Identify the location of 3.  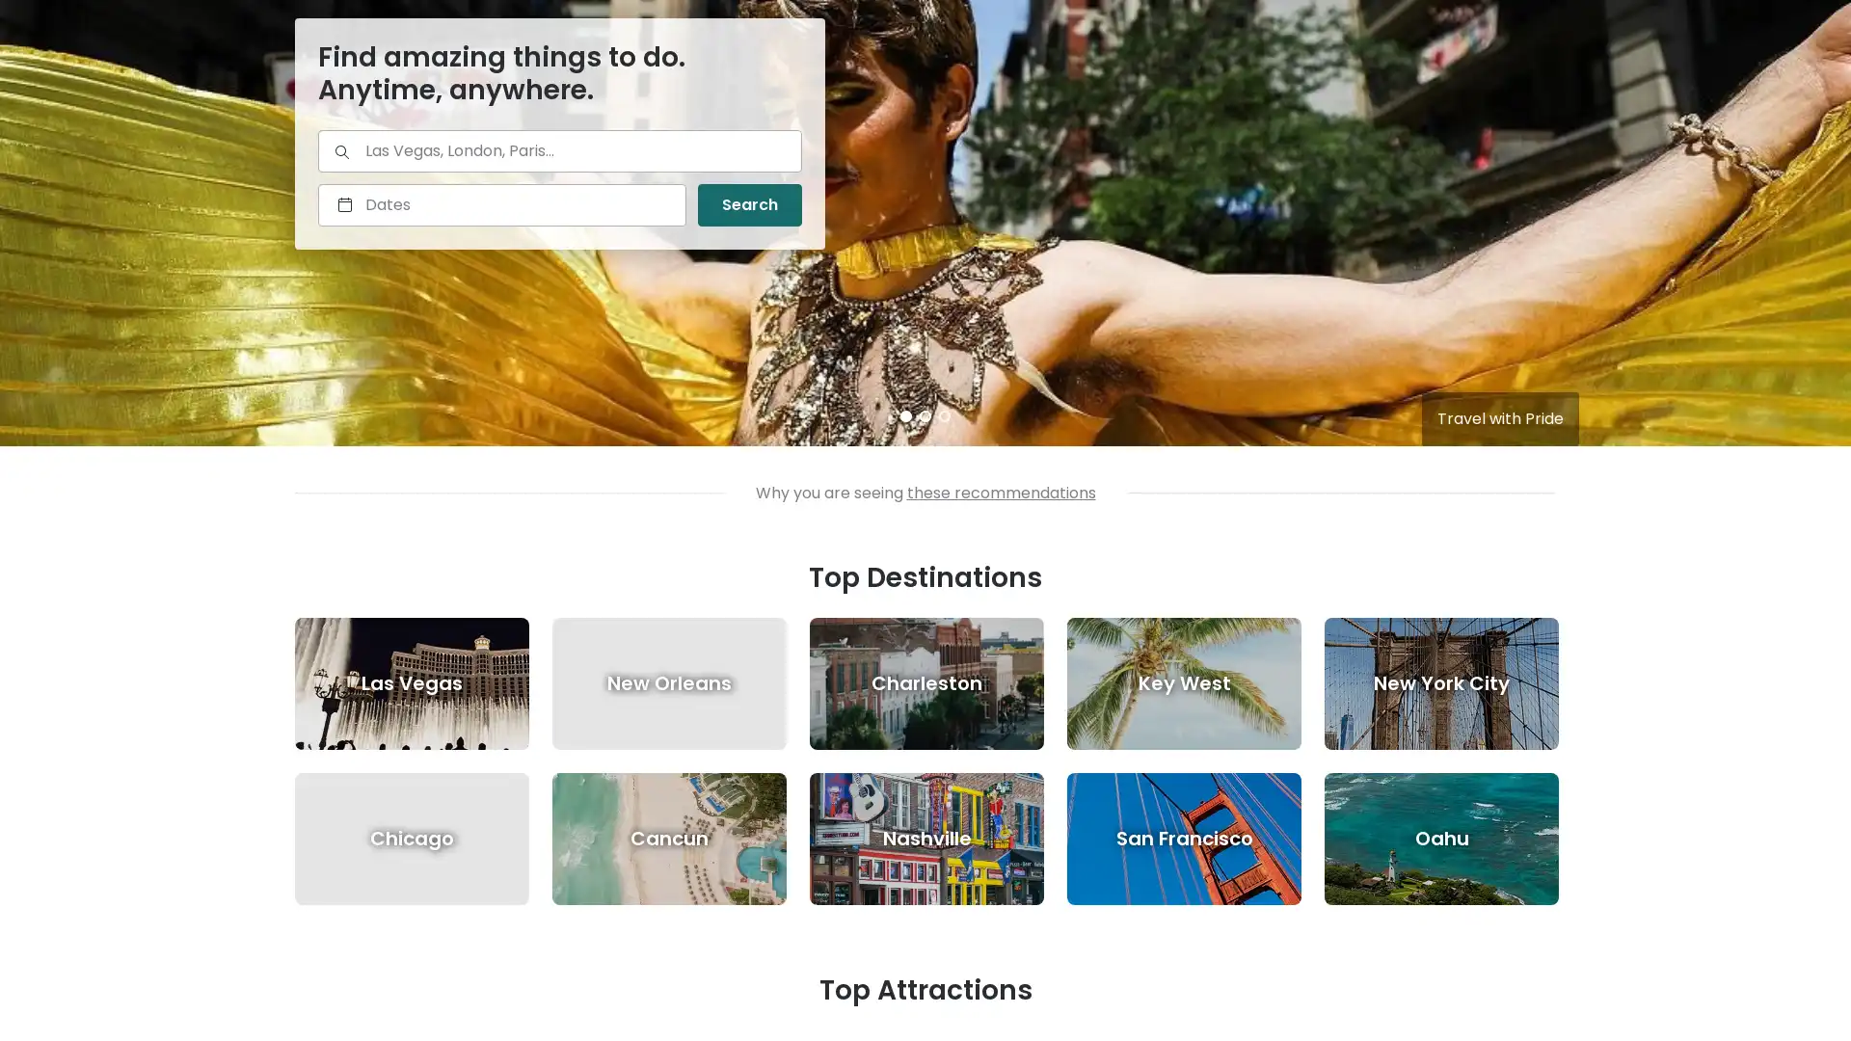
(944, 415).